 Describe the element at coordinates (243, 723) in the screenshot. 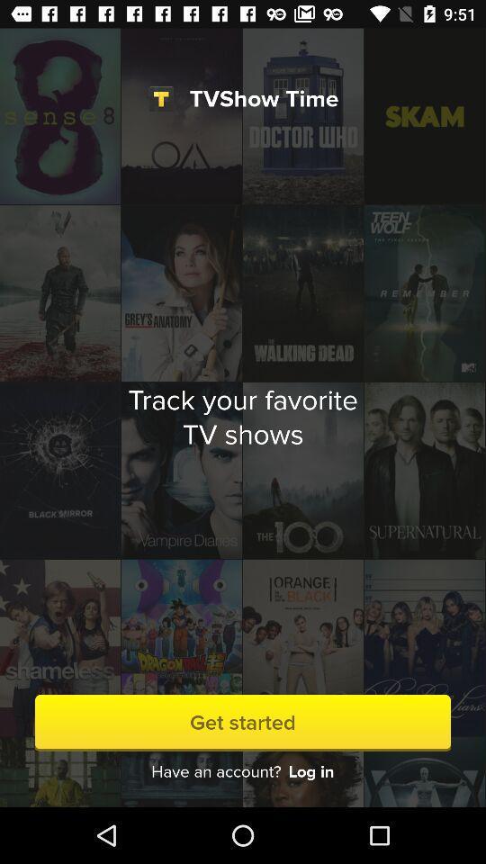

I see `the get started icon` at that location.